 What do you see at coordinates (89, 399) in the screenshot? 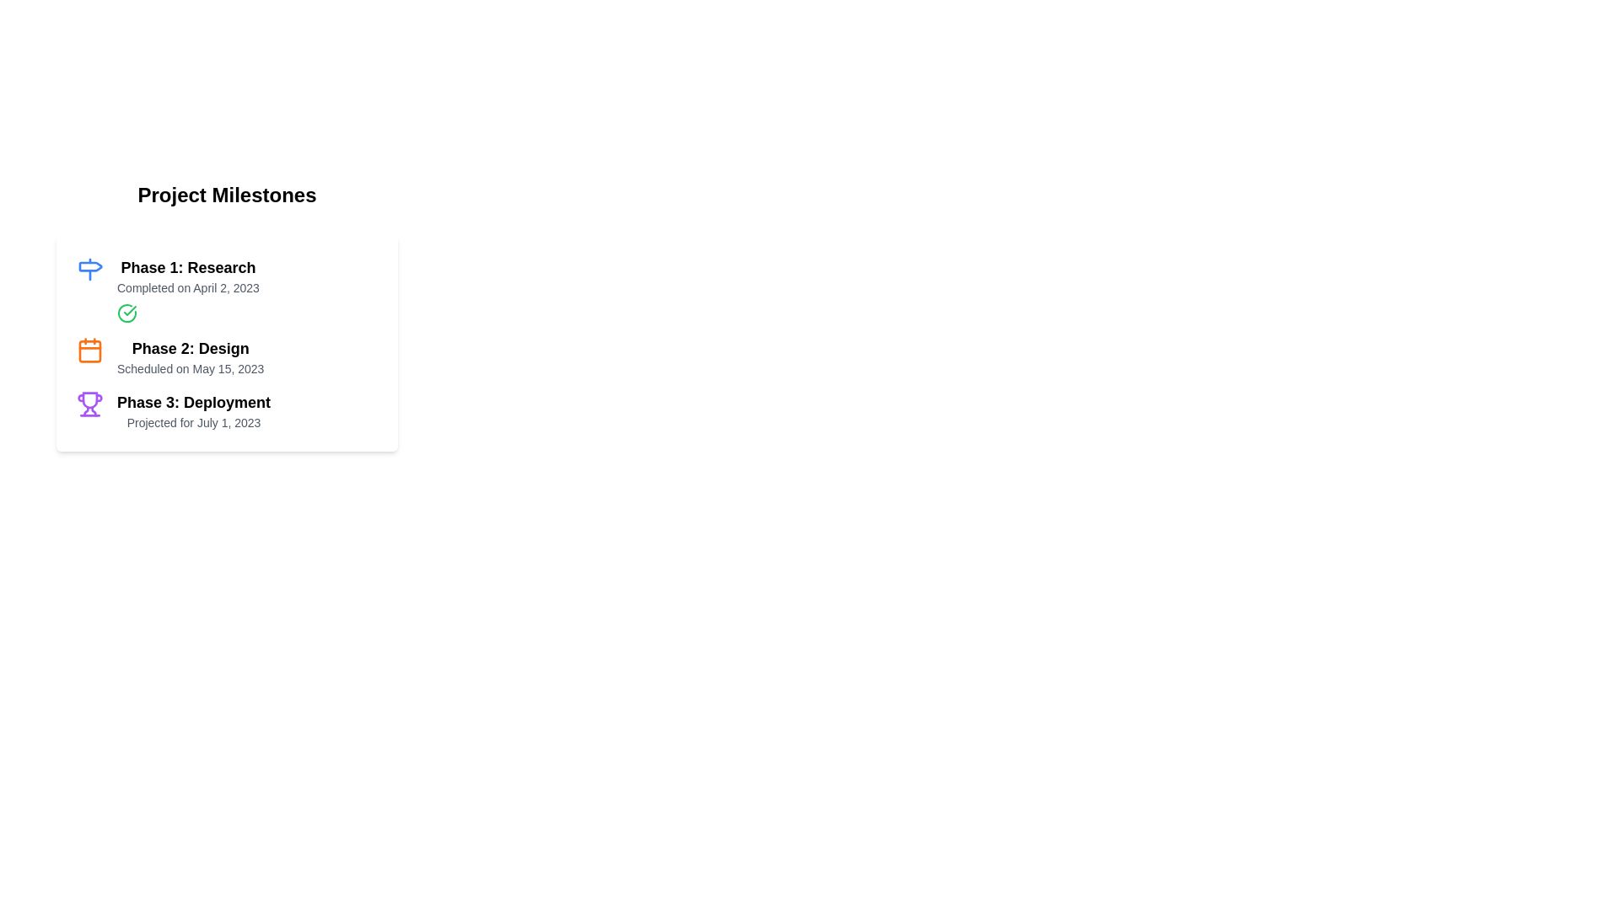
I see `the central graphical icon segment indicating the achievement milestone in the 'Phase 3: Deployment' list item` at bounding box center [89, 399].